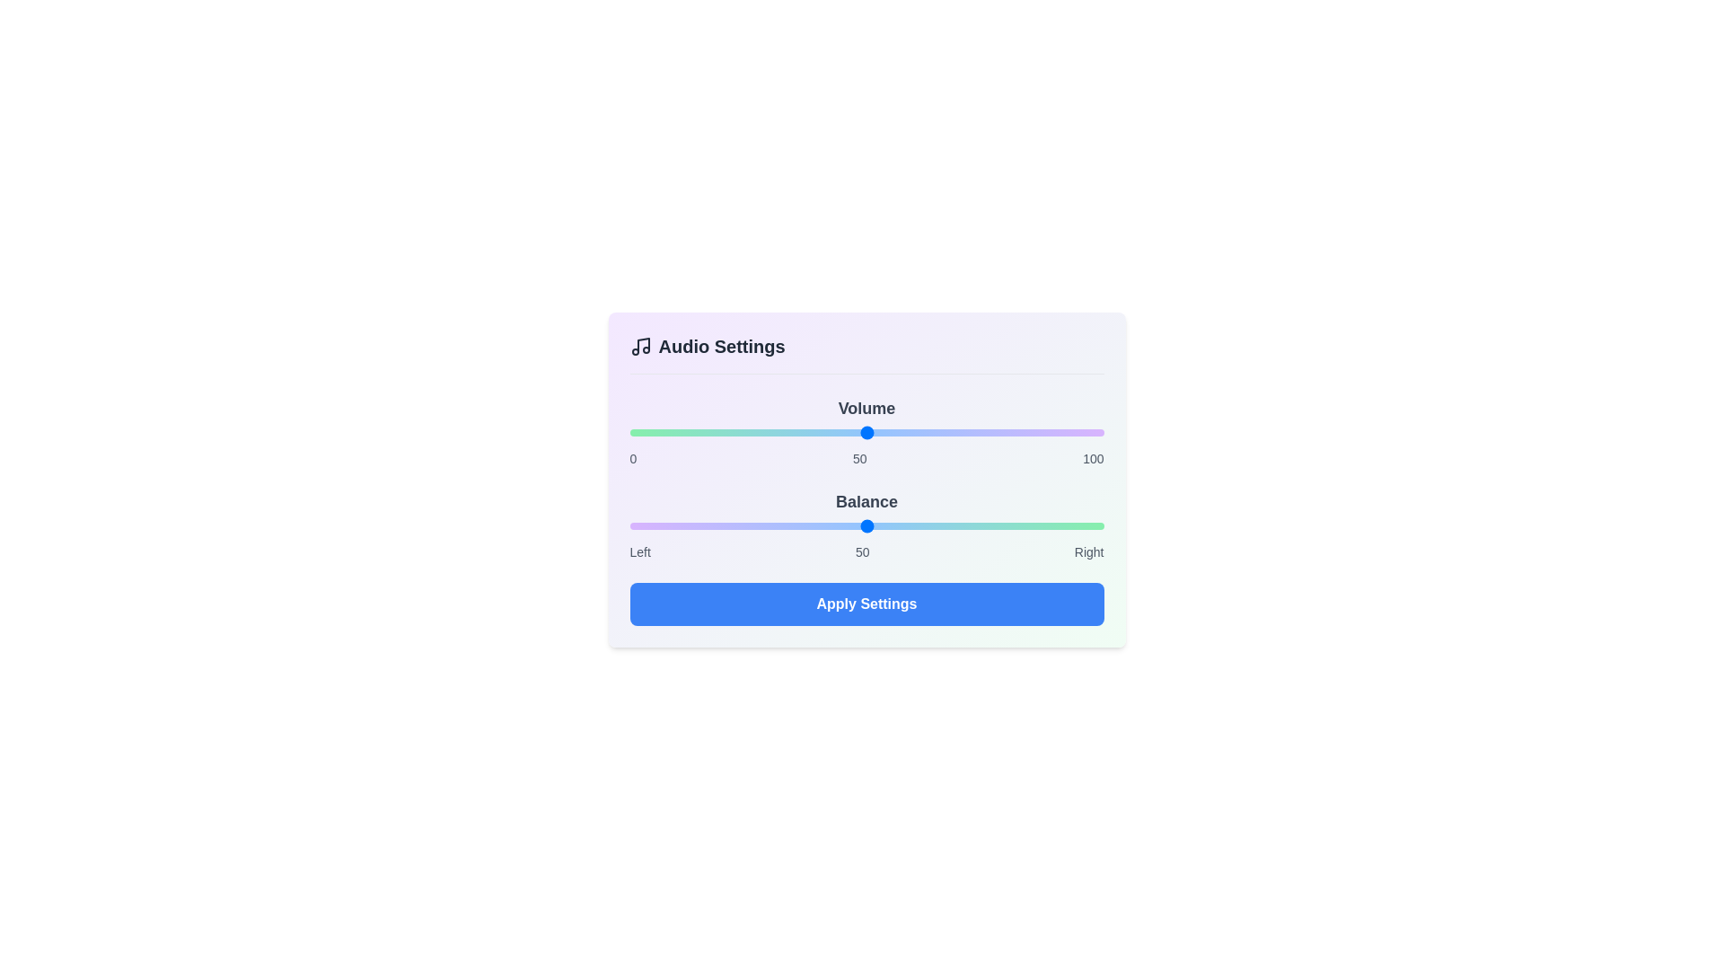 The width and height of the screenshot is (1724, 970). What do you see at coordinates (842, 525) in the screenshot?
I see `balance` at bounding box center [842, 525].